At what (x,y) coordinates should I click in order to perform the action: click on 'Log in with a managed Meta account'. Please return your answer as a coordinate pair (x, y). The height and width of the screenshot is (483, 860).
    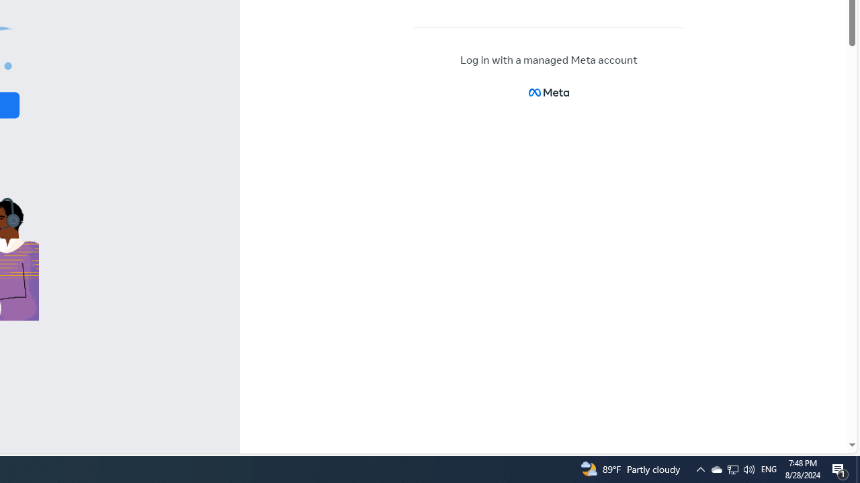
    Looking at the image, I should click on (549, 60).